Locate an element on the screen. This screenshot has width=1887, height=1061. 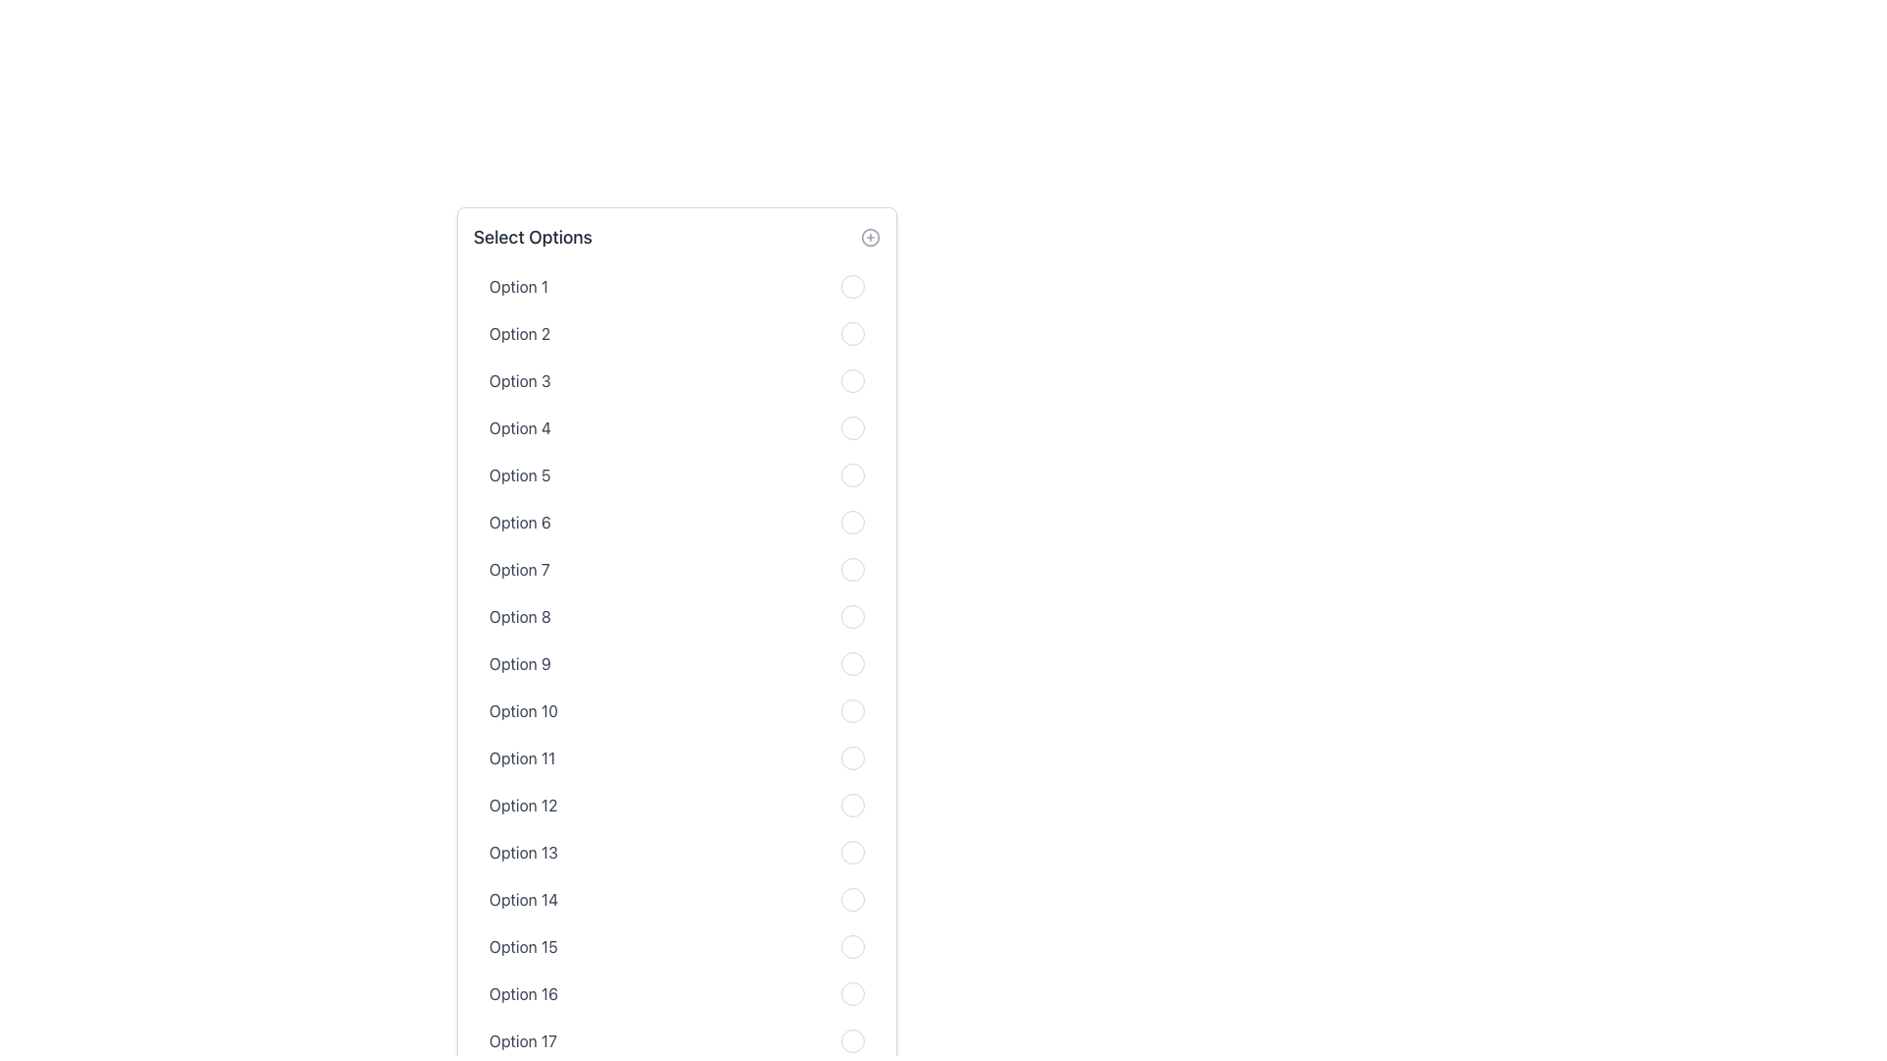
the text label displaying 'Option 11', which is part of a vertical list of options and is positioned to the left of a circular selectable icon is located at coordinates (522, 756).